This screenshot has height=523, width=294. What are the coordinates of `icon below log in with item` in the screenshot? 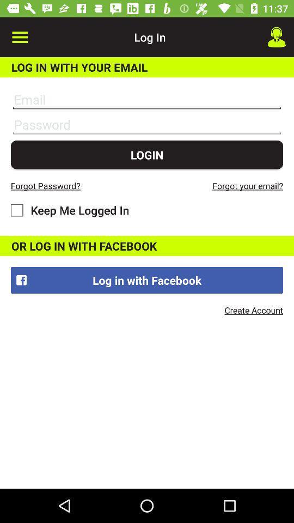 It's located at (254, 310).